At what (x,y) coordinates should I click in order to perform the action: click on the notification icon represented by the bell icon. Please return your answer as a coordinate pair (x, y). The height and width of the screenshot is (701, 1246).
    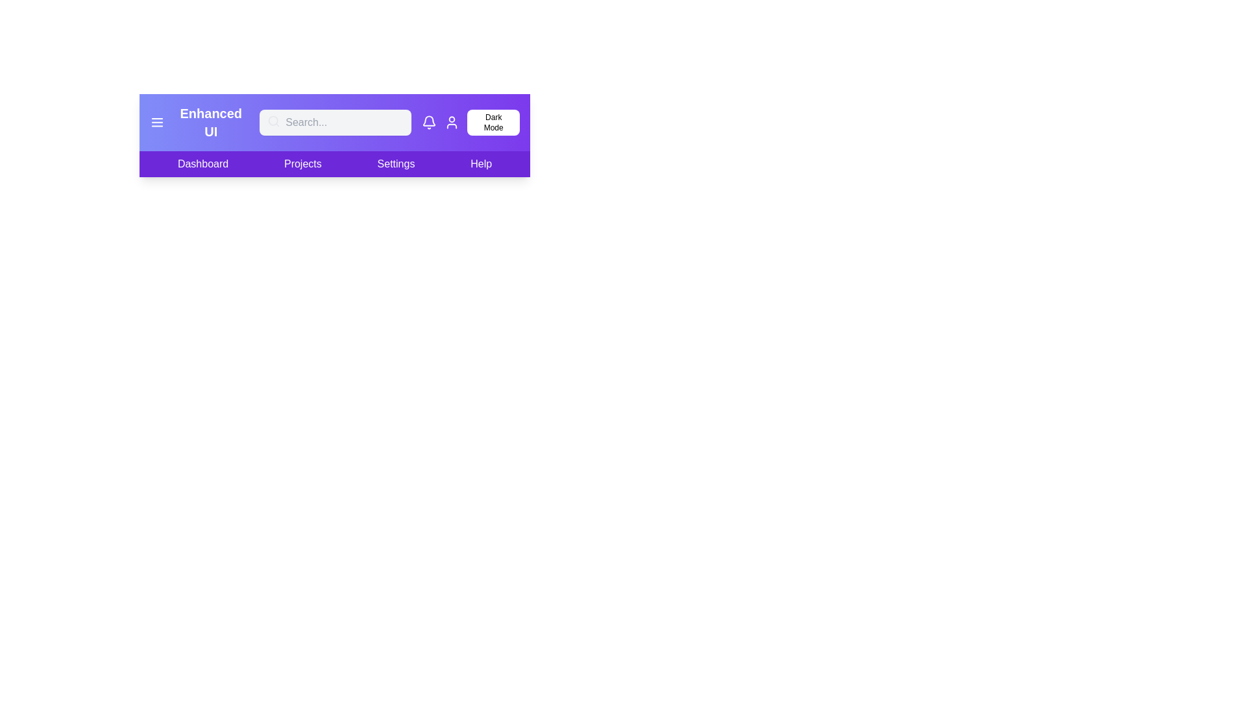
    Looking at the image, I should click on (429, 123).